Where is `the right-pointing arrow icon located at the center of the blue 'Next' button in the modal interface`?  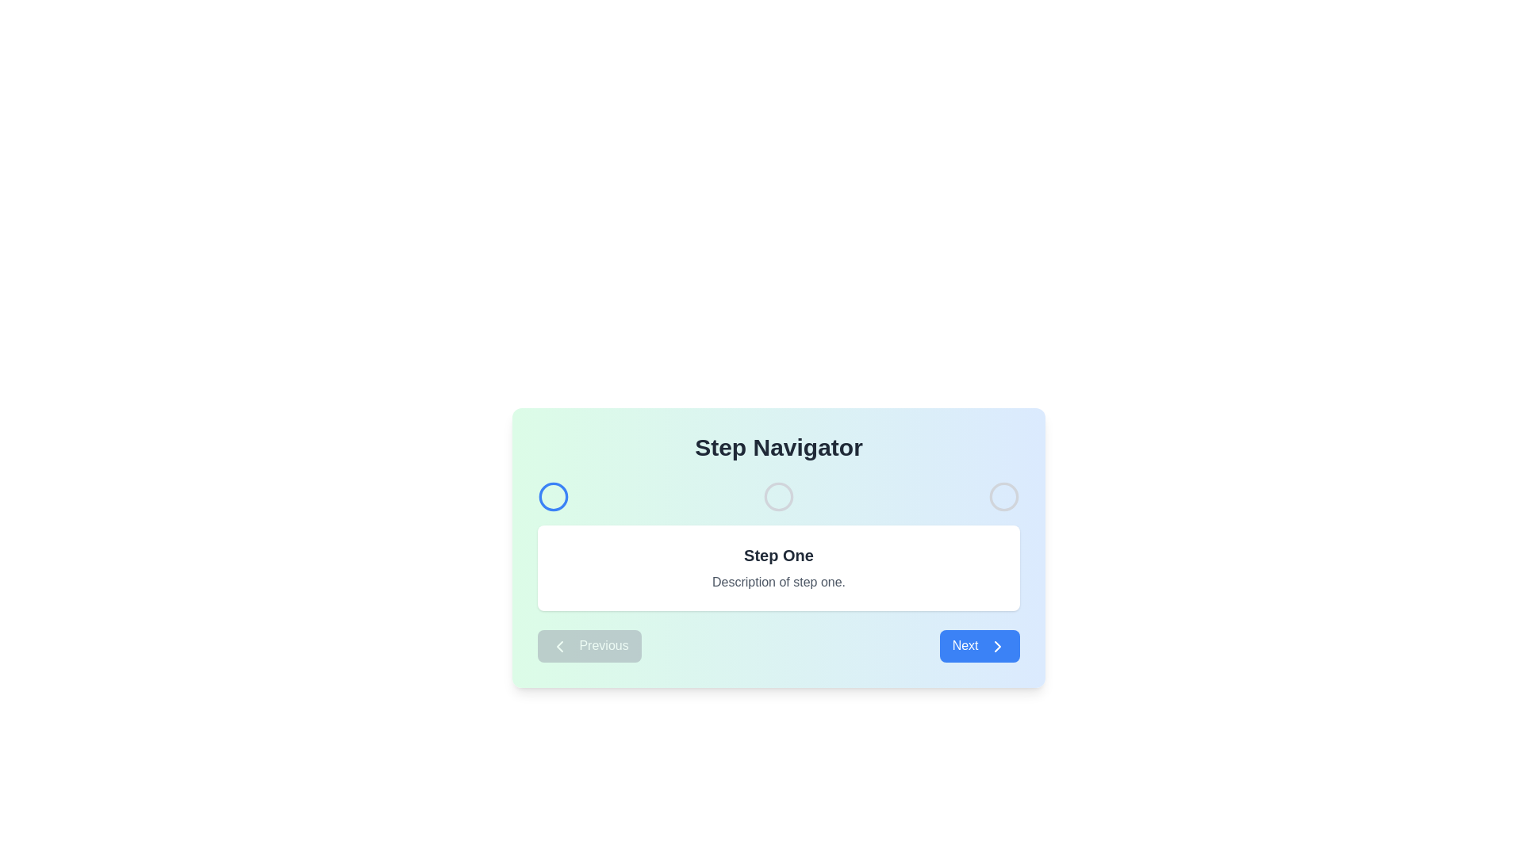 the right-pointing arrow icon located at the center of the blue 'Next' button in the modal interface is located at coordinates (996, 645).